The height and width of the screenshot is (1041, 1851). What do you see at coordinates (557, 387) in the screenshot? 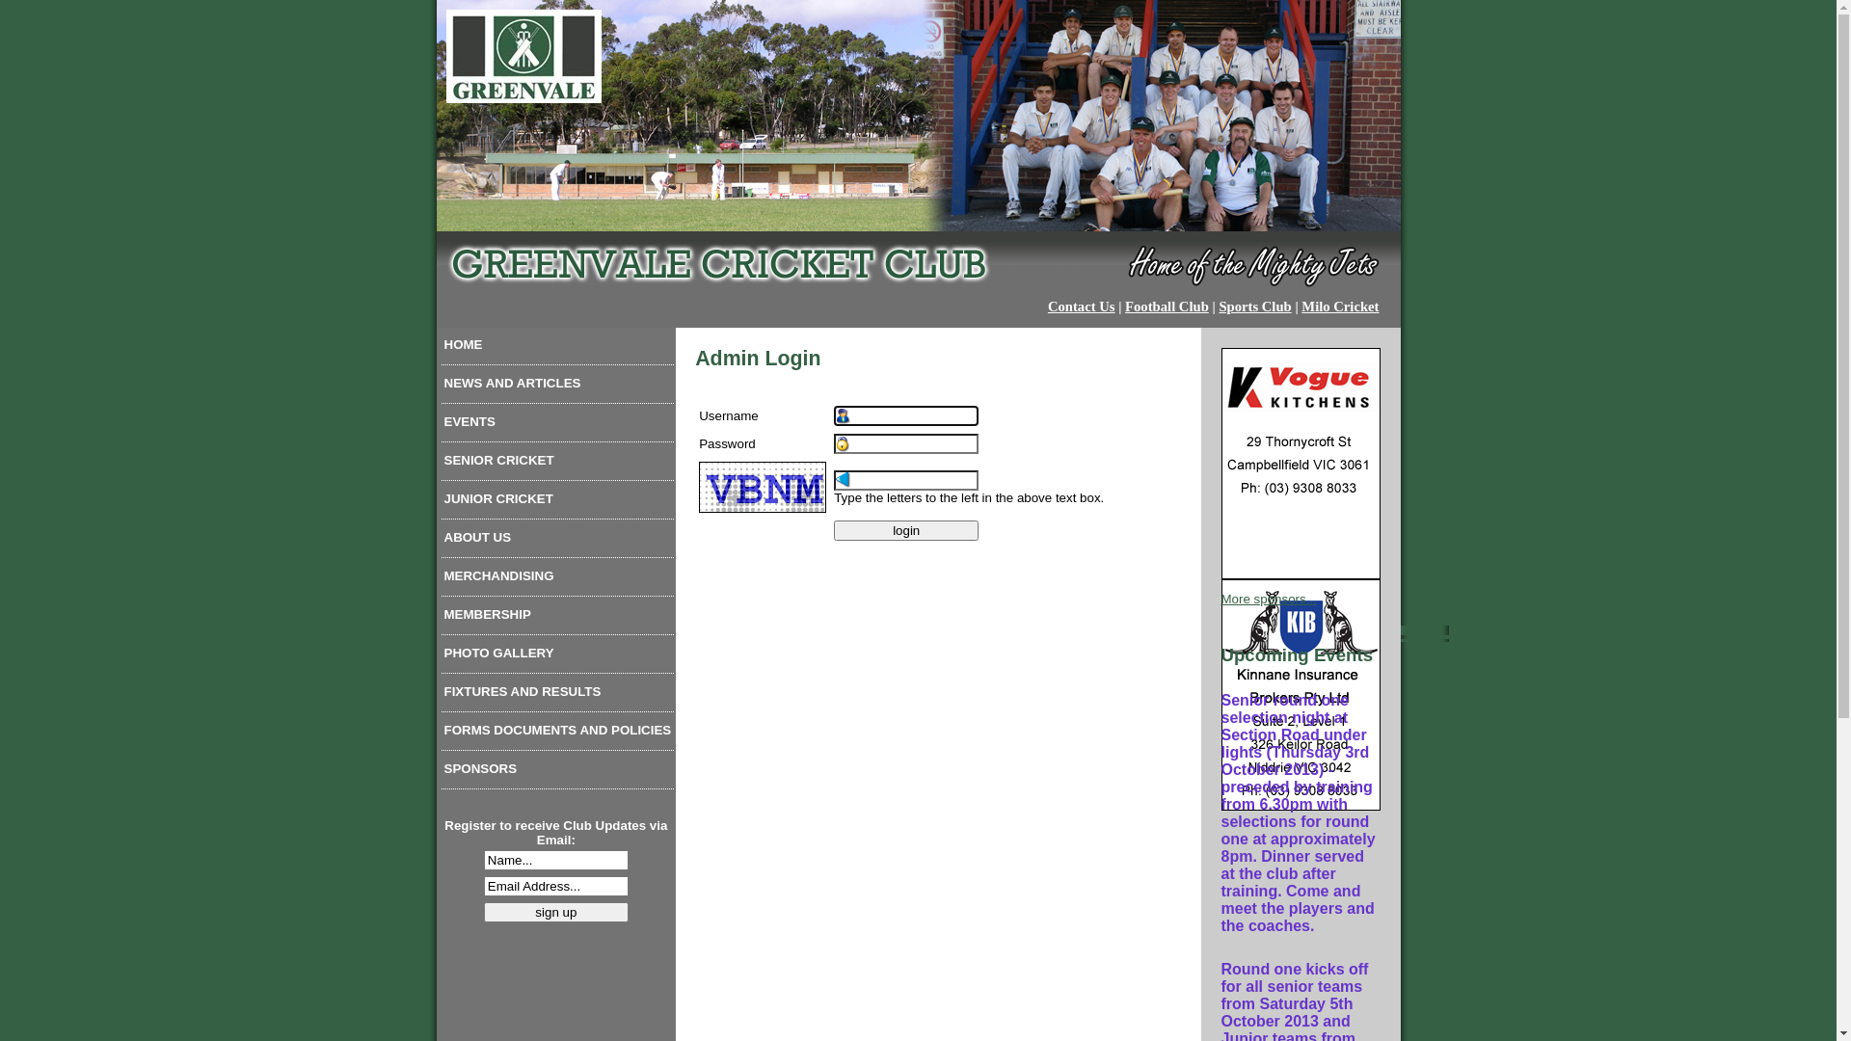
I see `'NEWS AND ARTICLES'` at bounding box center [557, 387].